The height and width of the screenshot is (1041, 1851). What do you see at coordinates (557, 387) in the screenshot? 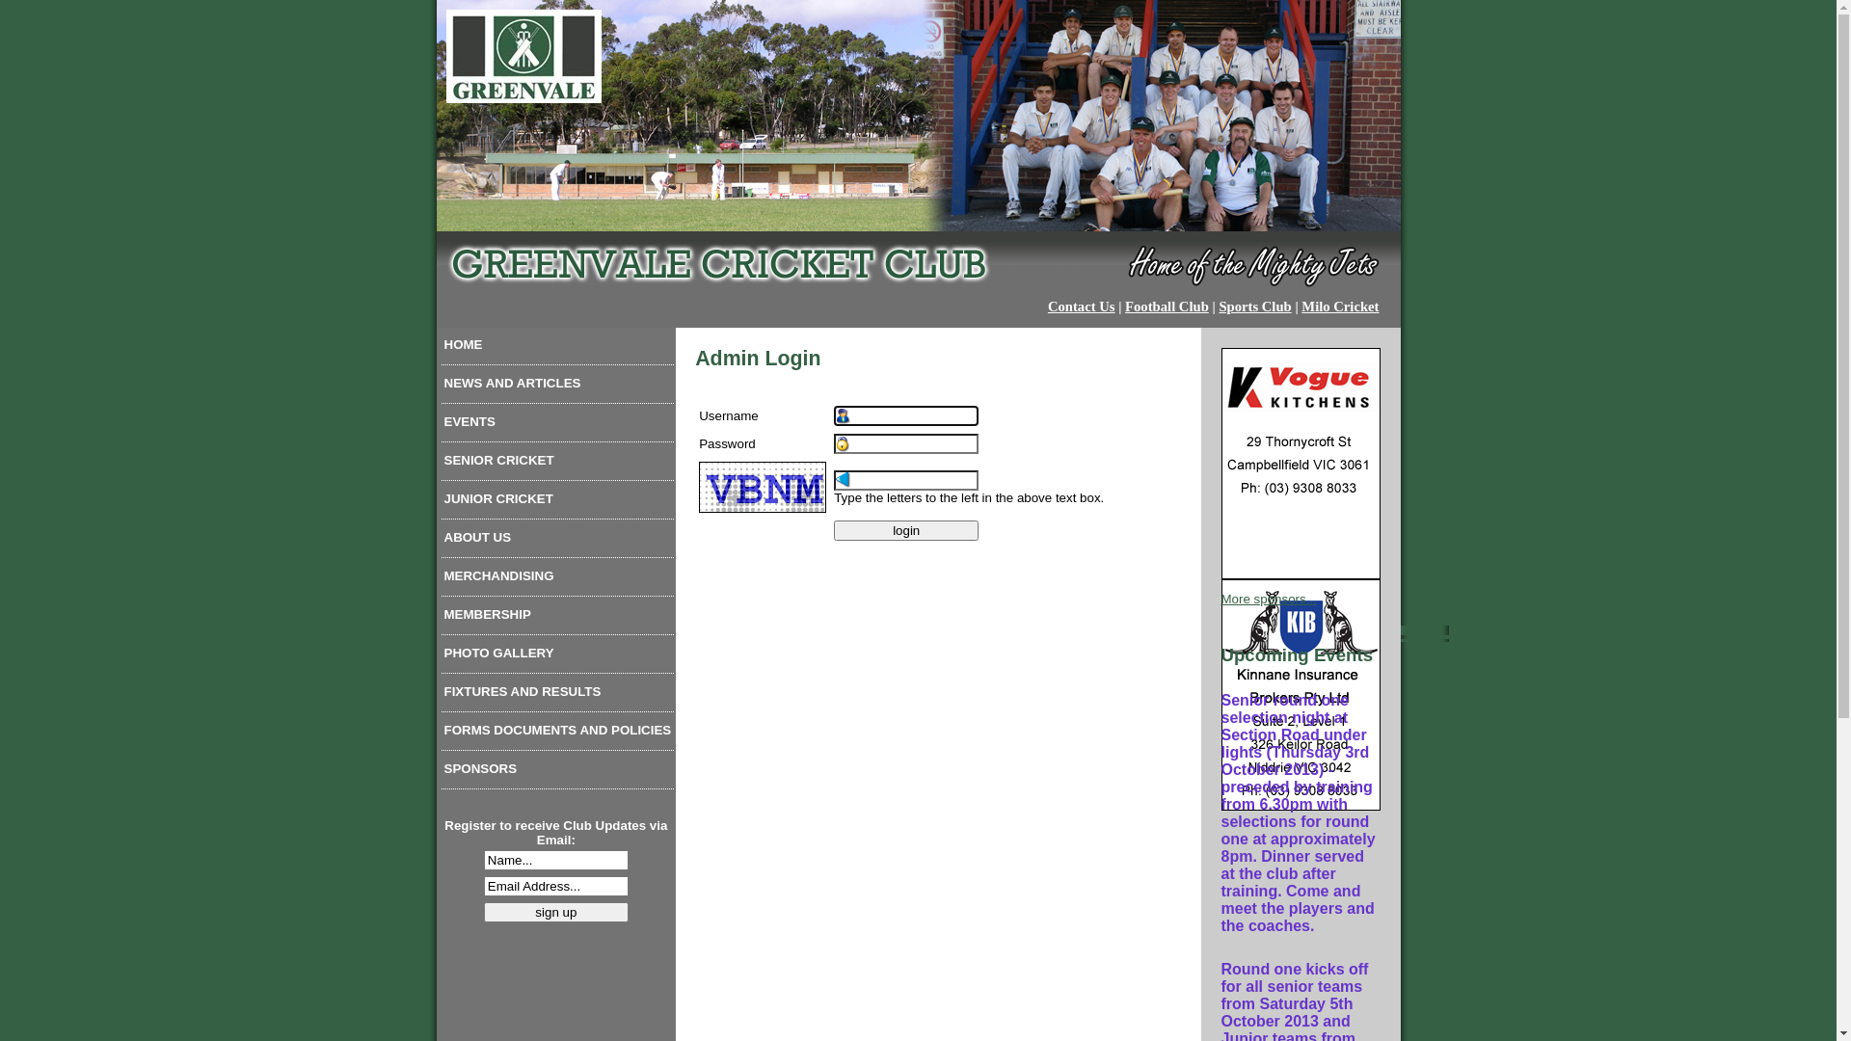
I see `'NEWS AND ARTICLES'` at bounding box center [557, 387].